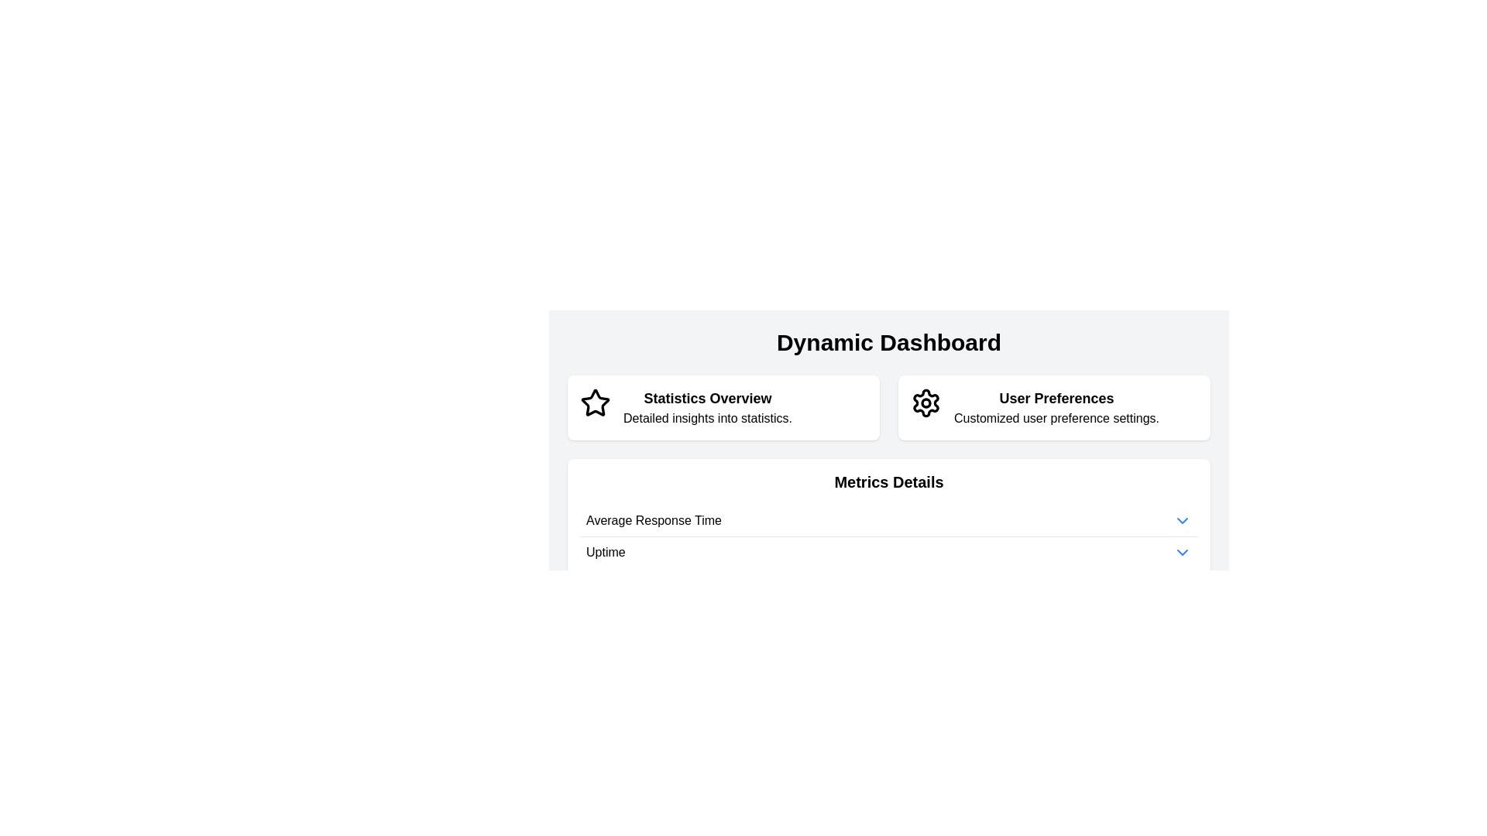 This screenshot has width=1487, height=836. What do you see at coordinates (594, 402) in the screenshot?
I see `the star icon with a hollow center located in the top left section of the 'Dynamic Dashboard', within the 'Statistics Overview' button` at bounding box center [594, 402].